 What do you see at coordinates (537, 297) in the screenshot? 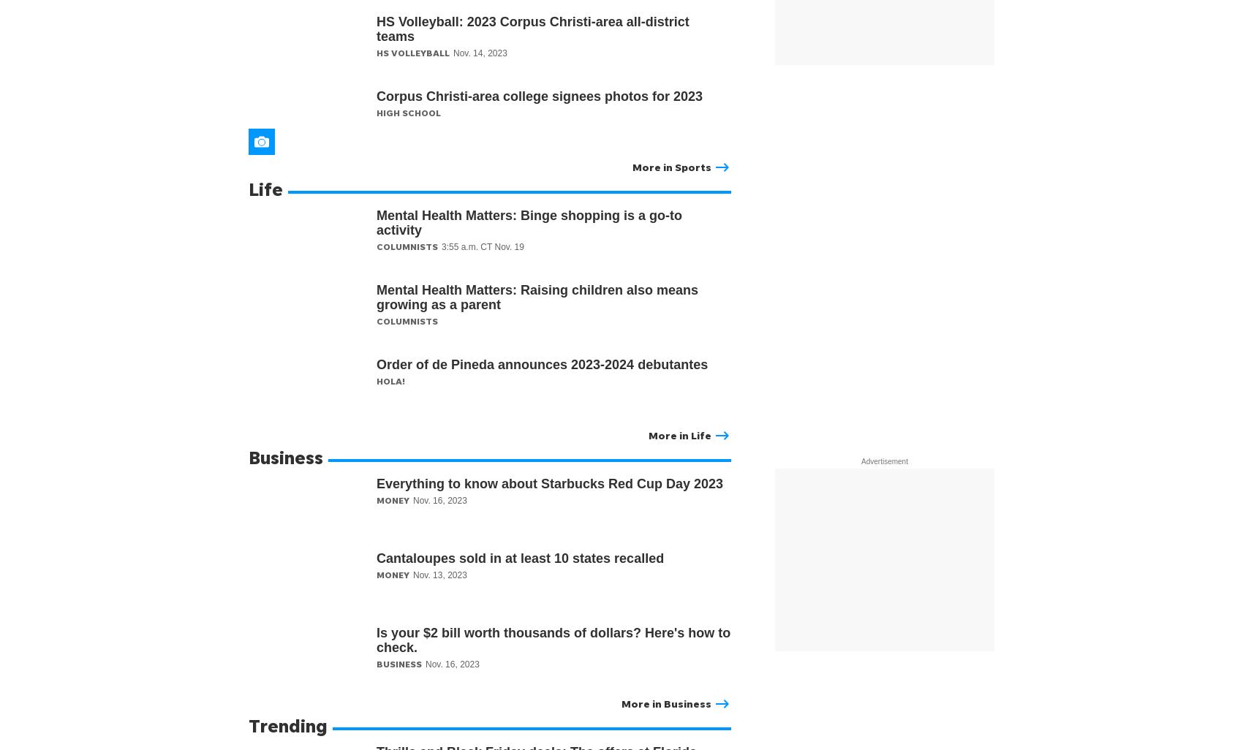
I see `'Mental Health Matters: Raising children also means growing as a parent'` at bounding box center [537, 297].